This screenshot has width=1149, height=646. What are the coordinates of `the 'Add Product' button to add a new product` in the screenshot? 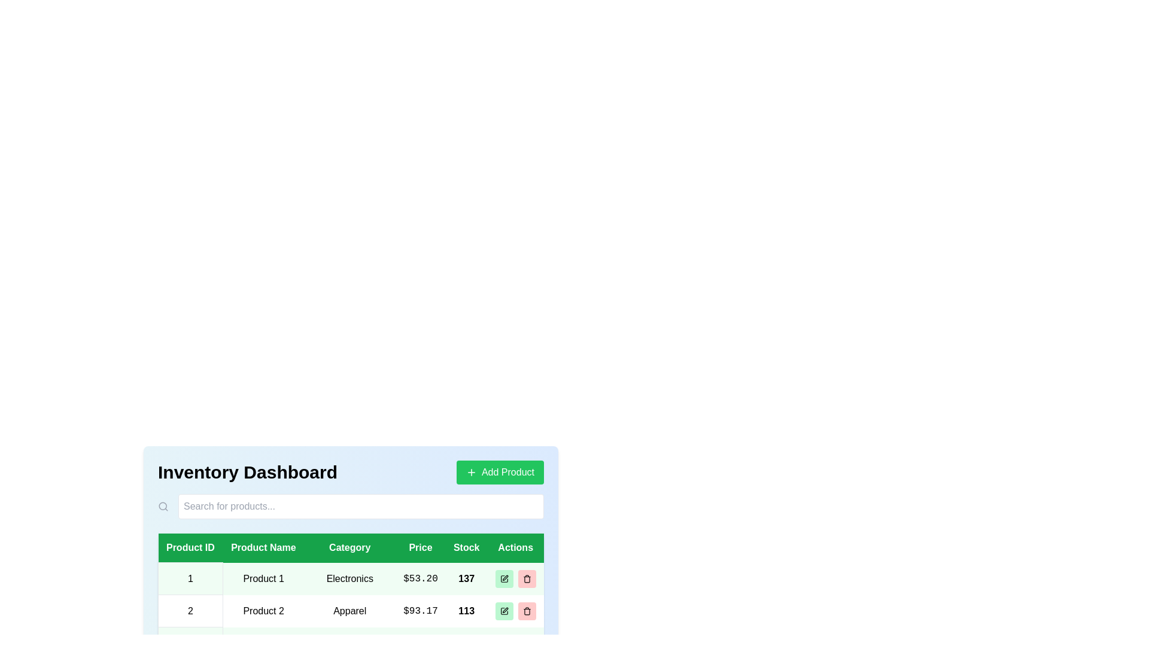 It's located at (500, 472).